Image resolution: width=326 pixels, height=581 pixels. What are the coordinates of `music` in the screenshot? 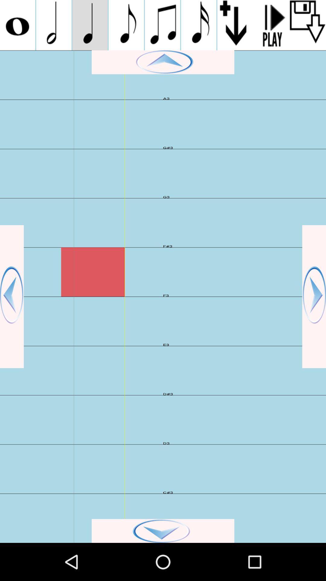 It's located at (271, 25).